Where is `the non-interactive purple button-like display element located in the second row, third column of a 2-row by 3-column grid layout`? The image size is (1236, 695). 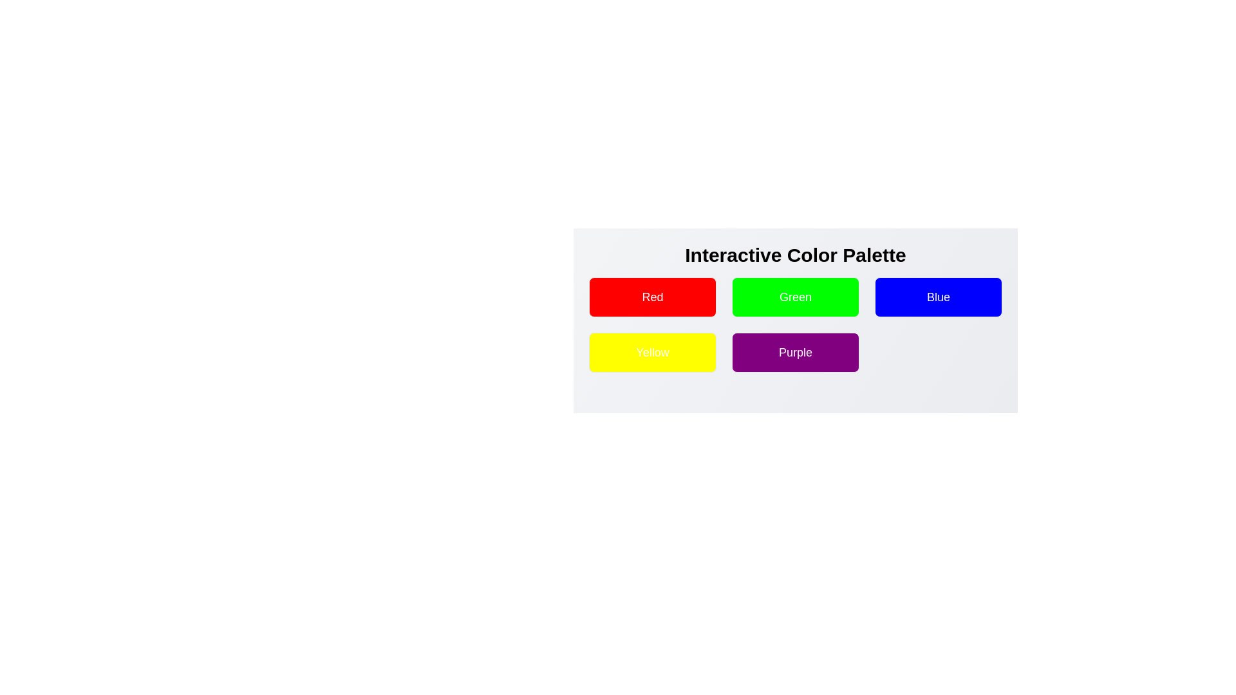 the non-interactive purple button-like display element located in the second row, third column of a 2-row by 3-column grid layout is located at coordinates (795, 352).